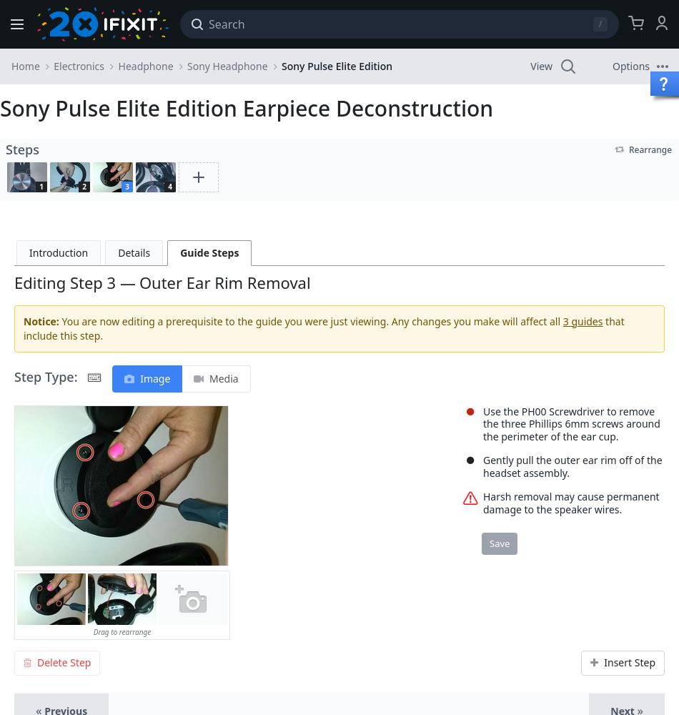 This screenshot has width=679, height=715. I want to click on 'Headphone', so click(145, 65).